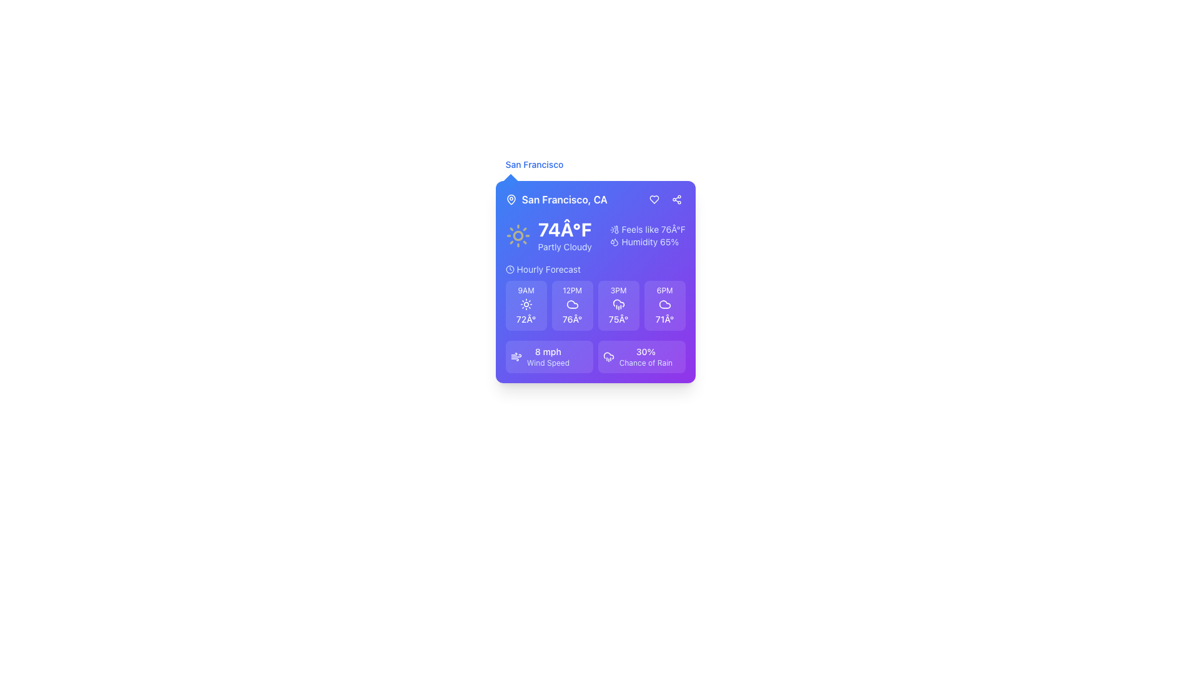 This screenshot has width=1199, height=674. What do you see at coordinates (564, 199) in the screenshot?
I see `the static text label displaying 'San Francisco, CA' which is styled with a bold font and has a blue gradient background, located at the top left corner of the weather details card` at bounding box center [564, 199].